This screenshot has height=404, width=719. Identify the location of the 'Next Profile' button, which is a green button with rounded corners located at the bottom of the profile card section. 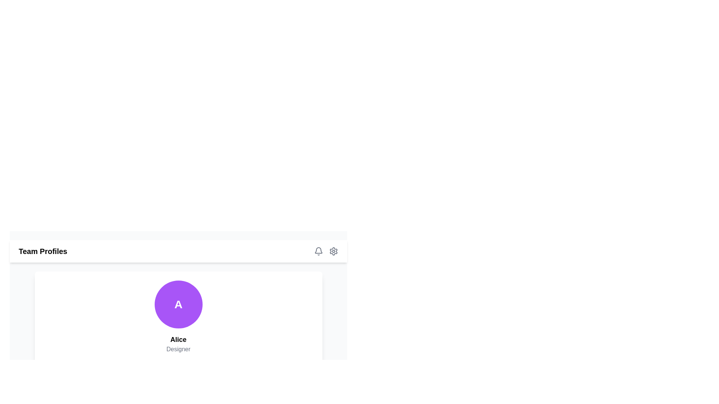
(178, 370).